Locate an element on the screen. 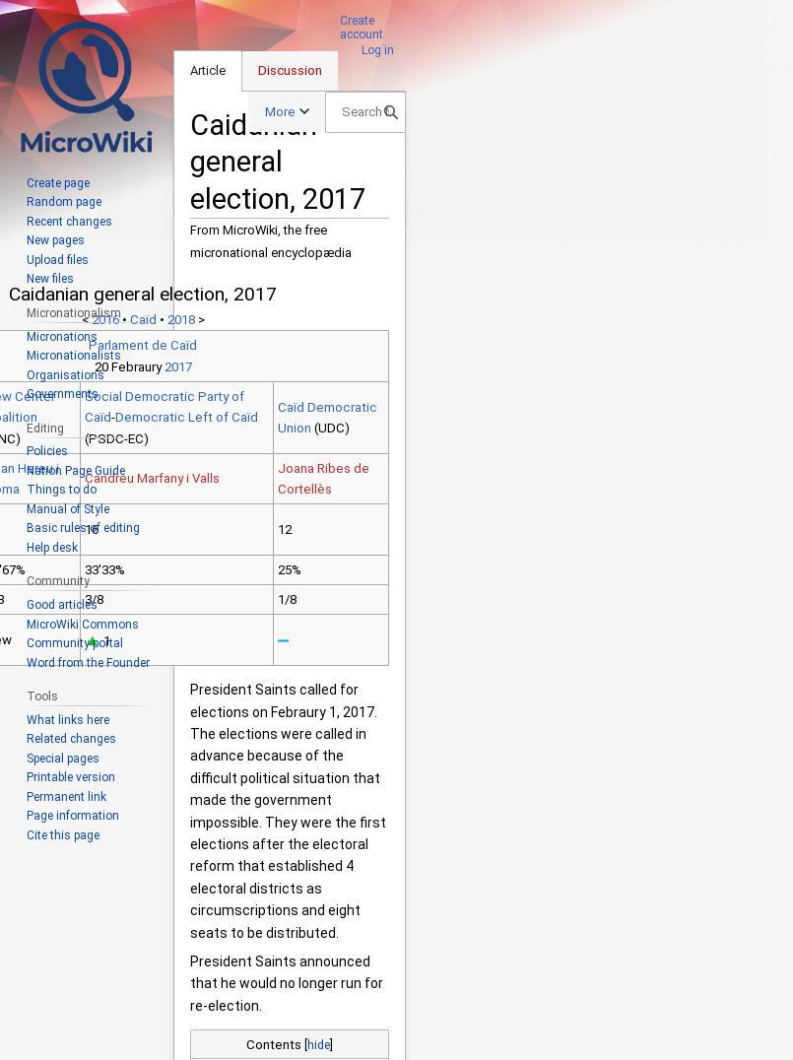 This screenshot has height=1060, width=793. '3/8' is located at coordinates (83, 599).